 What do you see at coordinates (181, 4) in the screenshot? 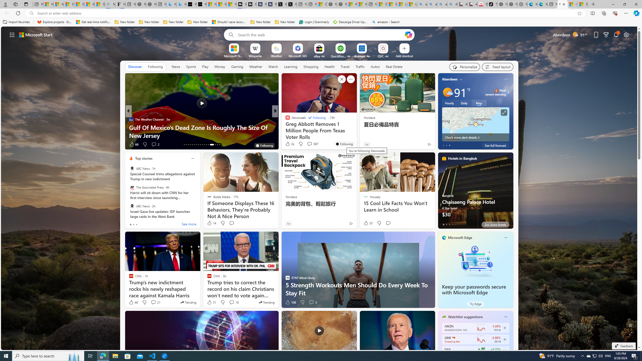
I see `'Microsoft Bing Travel - Shangri-La Hotel Bangkok'` at bounding box center [181, 4].